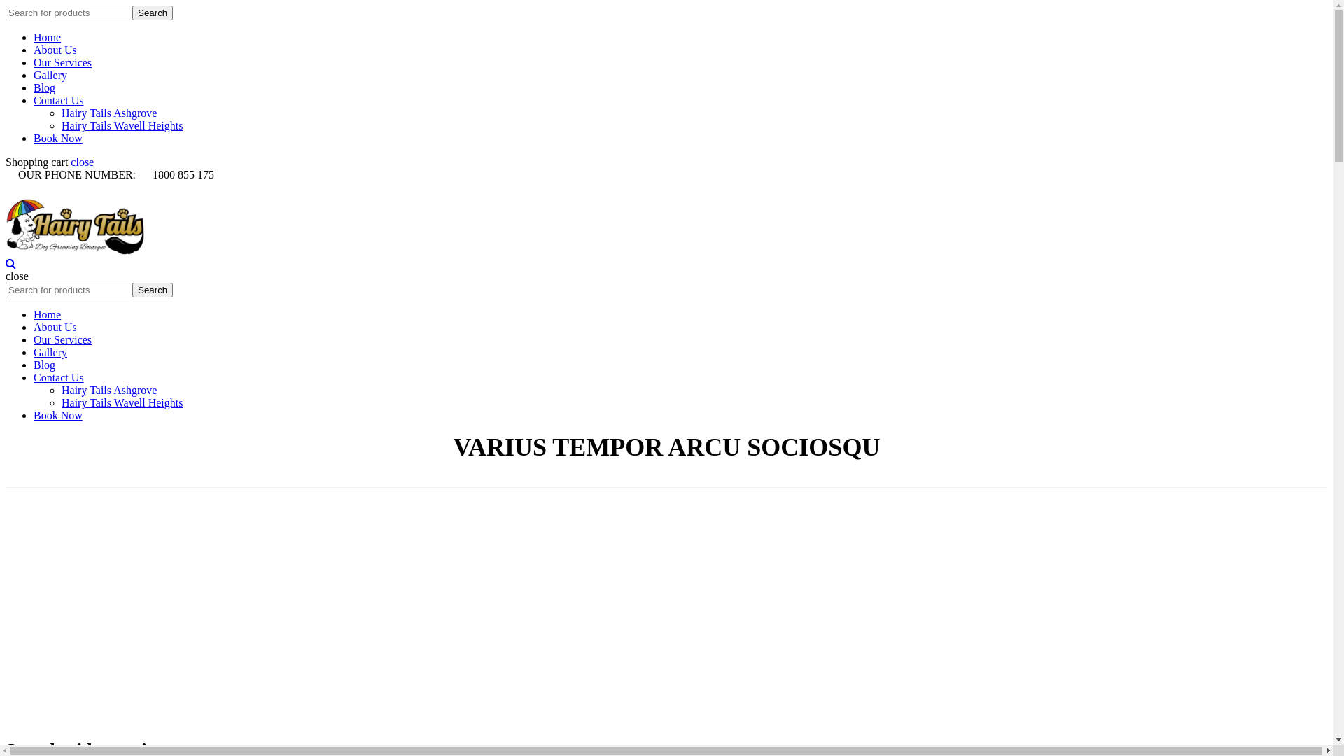 The width and height of the screenshot is (1344, 756). Describe the element at coordinates (180, 613) in the screenshot. I see `'Delirius // mural painting'` at that location.